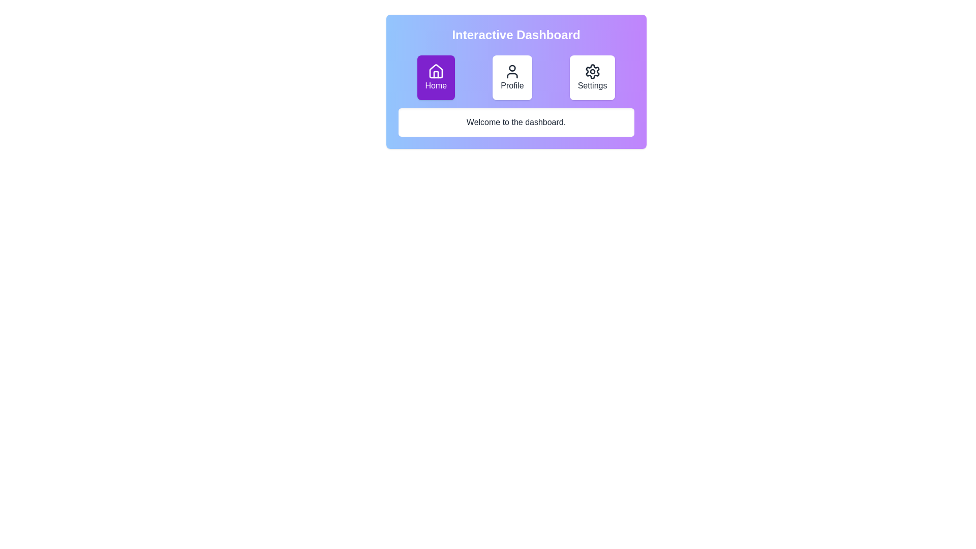 This screenshot has width=976, height=549. I want to click on the Profile tab by clicking the corresponding button, so click(512, 77).